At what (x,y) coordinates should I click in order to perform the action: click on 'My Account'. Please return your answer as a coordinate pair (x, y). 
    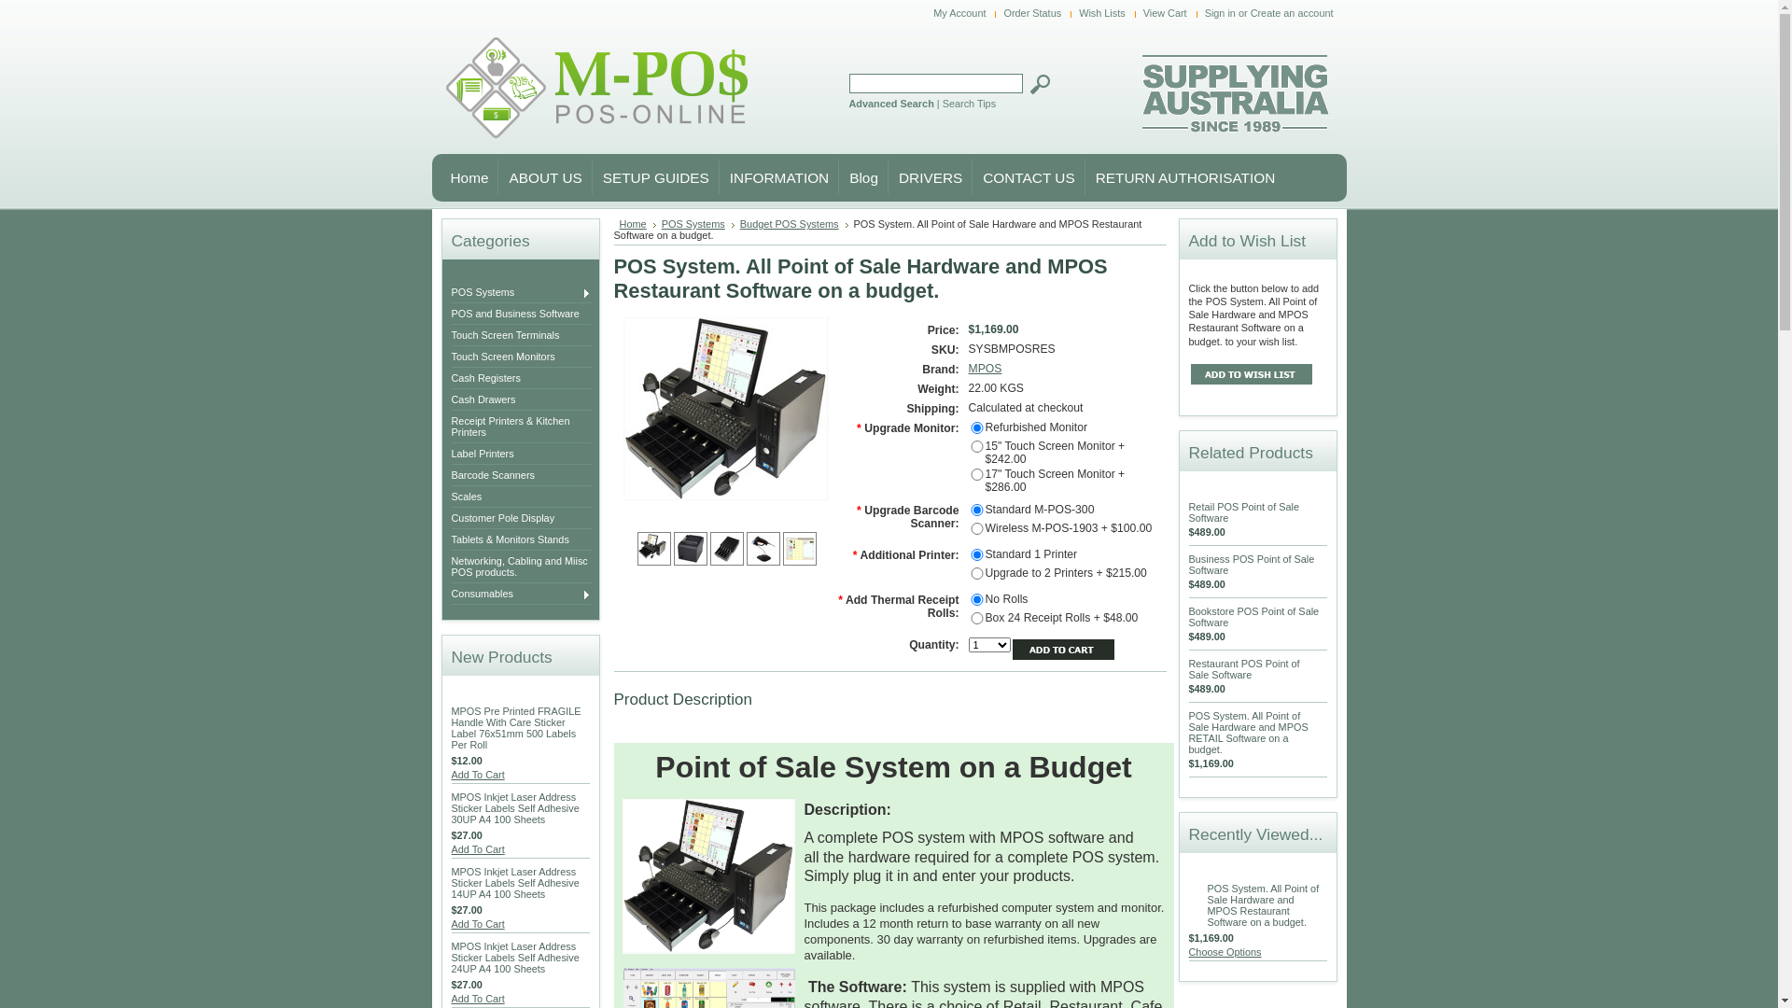
    Looking at the image, I should click on (961, 13).